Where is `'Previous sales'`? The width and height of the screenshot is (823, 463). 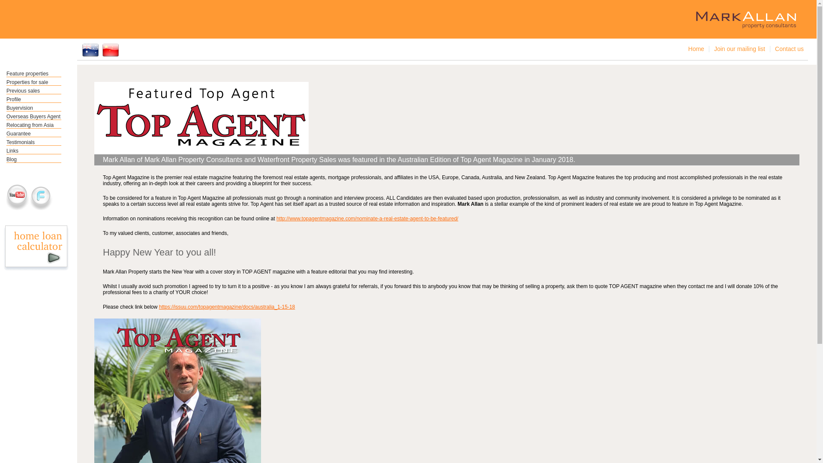 'Previous sales' is located at coordinates (33, 91).